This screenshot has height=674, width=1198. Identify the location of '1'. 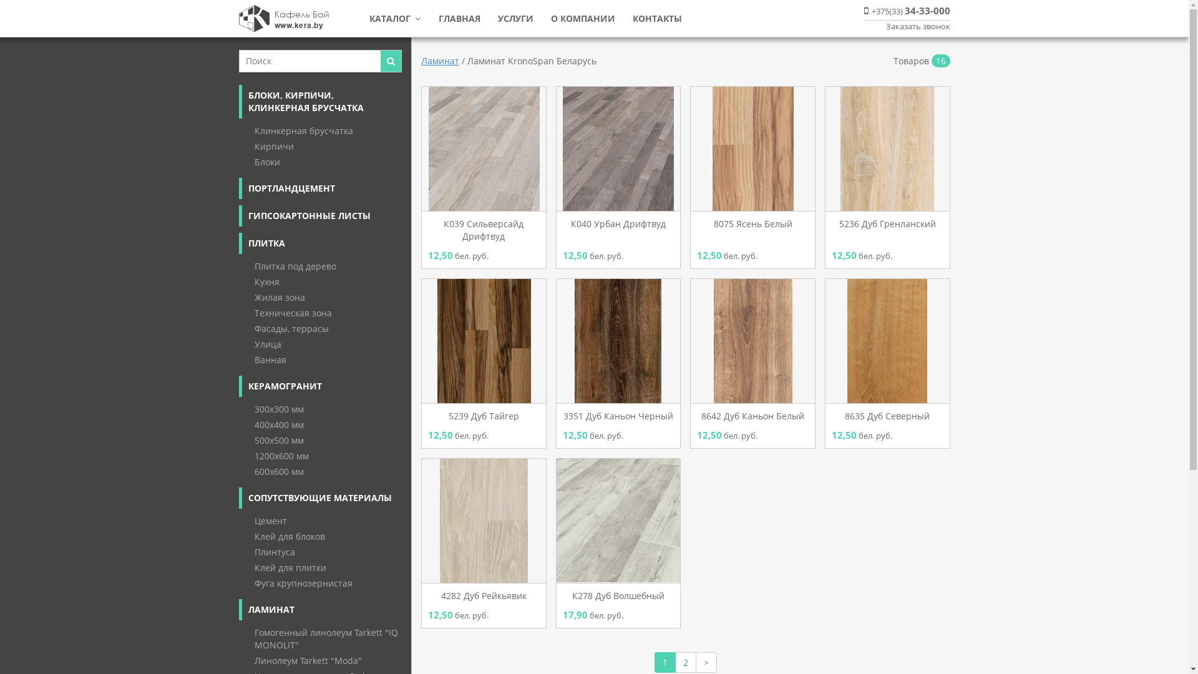
(664, 662).